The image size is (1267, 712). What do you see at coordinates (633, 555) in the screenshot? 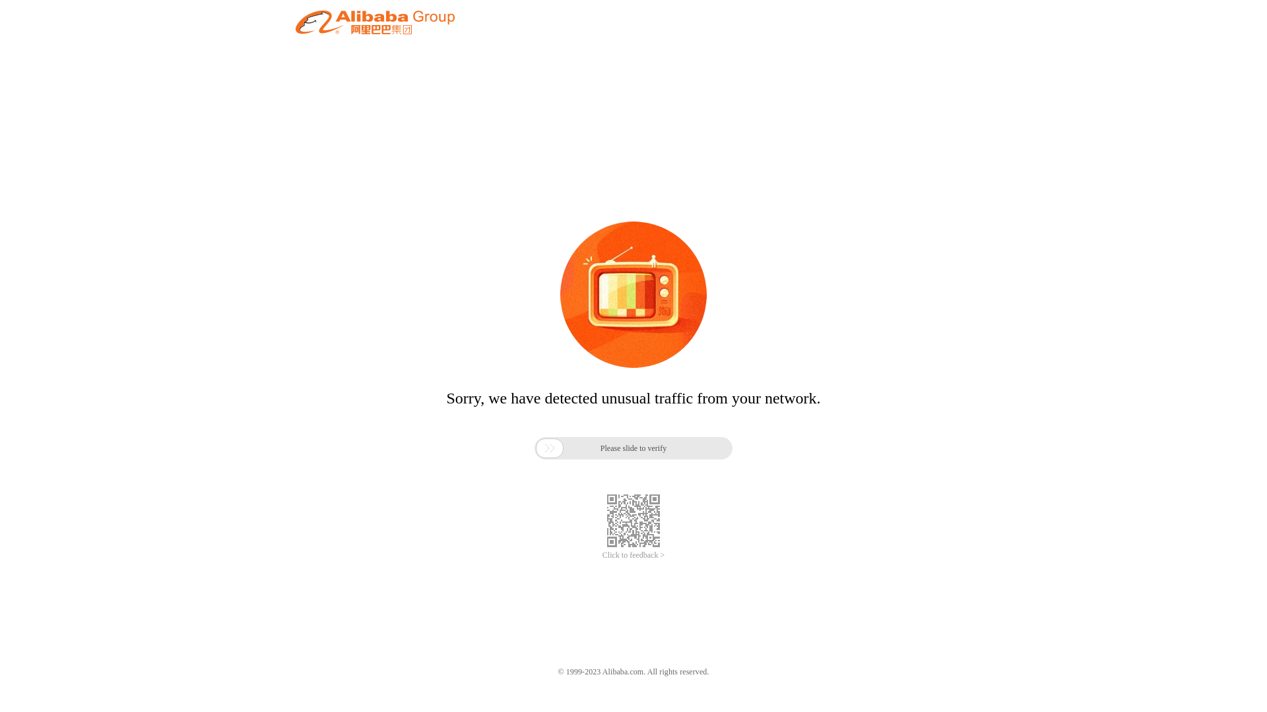
I see `'Click to feedback >'` at bounding box center [633, 555].